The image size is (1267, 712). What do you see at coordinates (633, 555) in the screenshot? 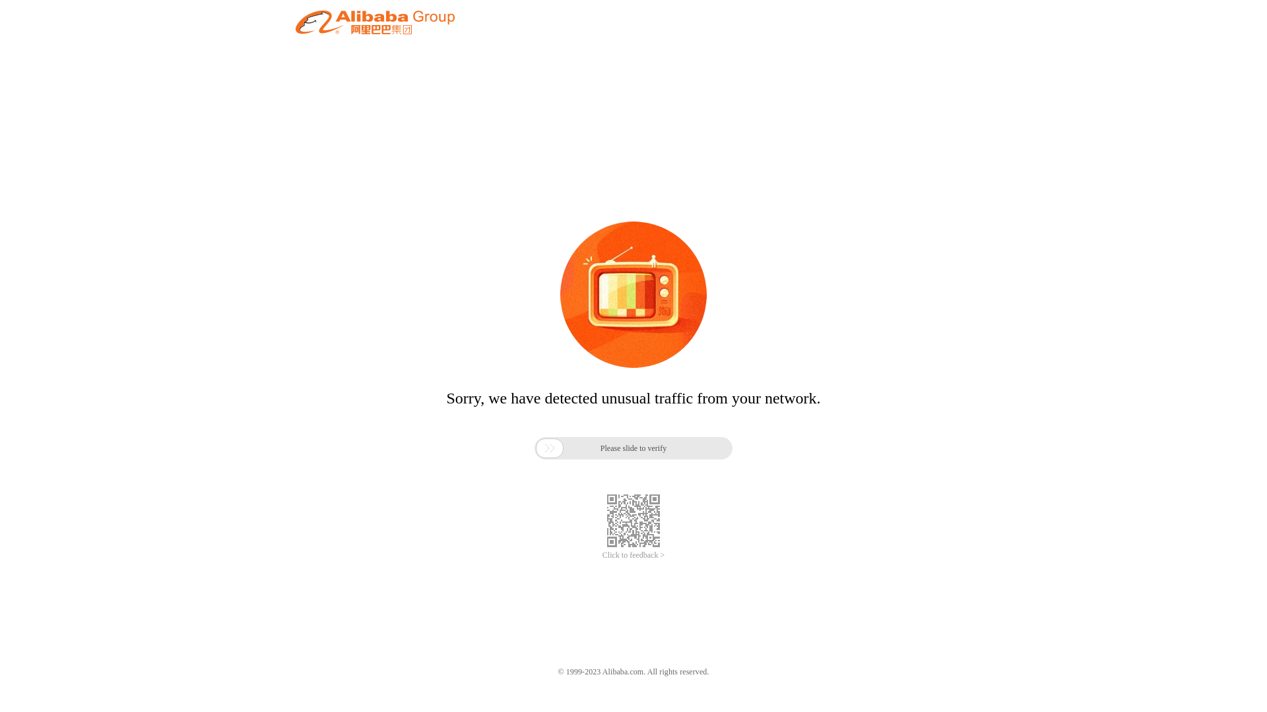
I see `'Click to feedback >'` at bounding box center [633, 555].